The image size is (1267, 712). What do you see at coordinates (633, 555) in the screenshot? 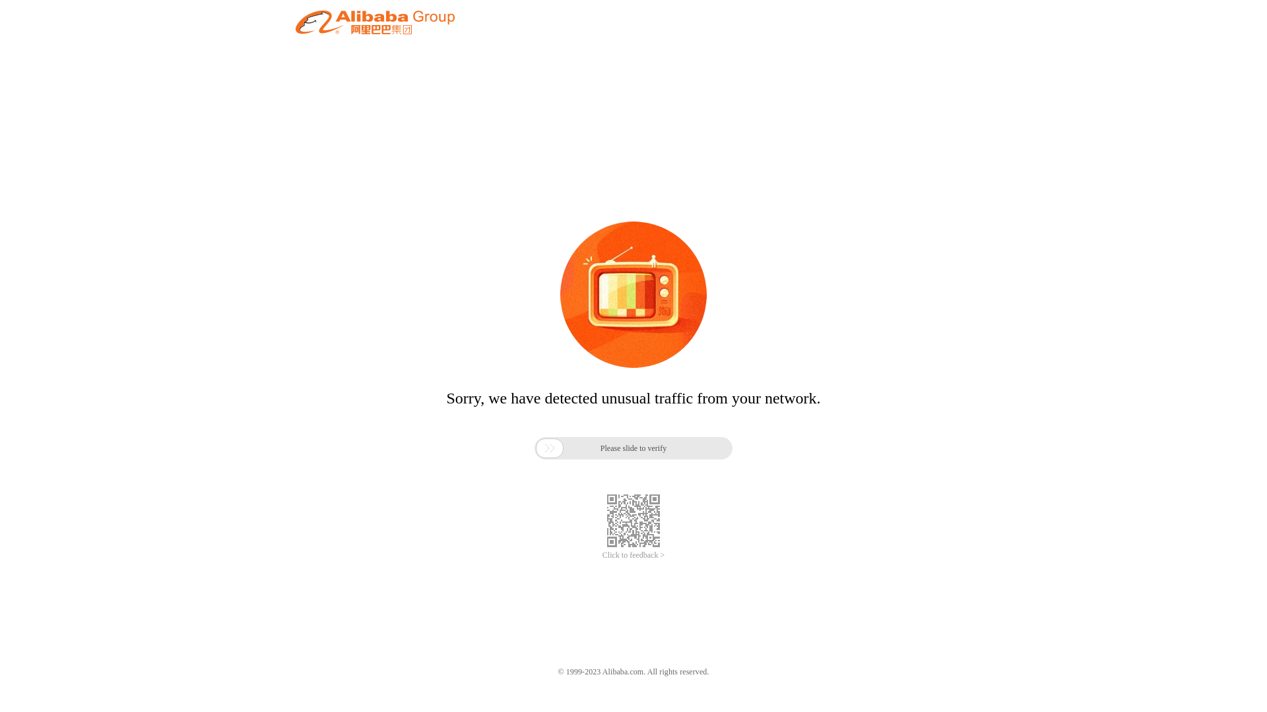
I see `'Click to feedback >'` at bounding box center [633, 555].